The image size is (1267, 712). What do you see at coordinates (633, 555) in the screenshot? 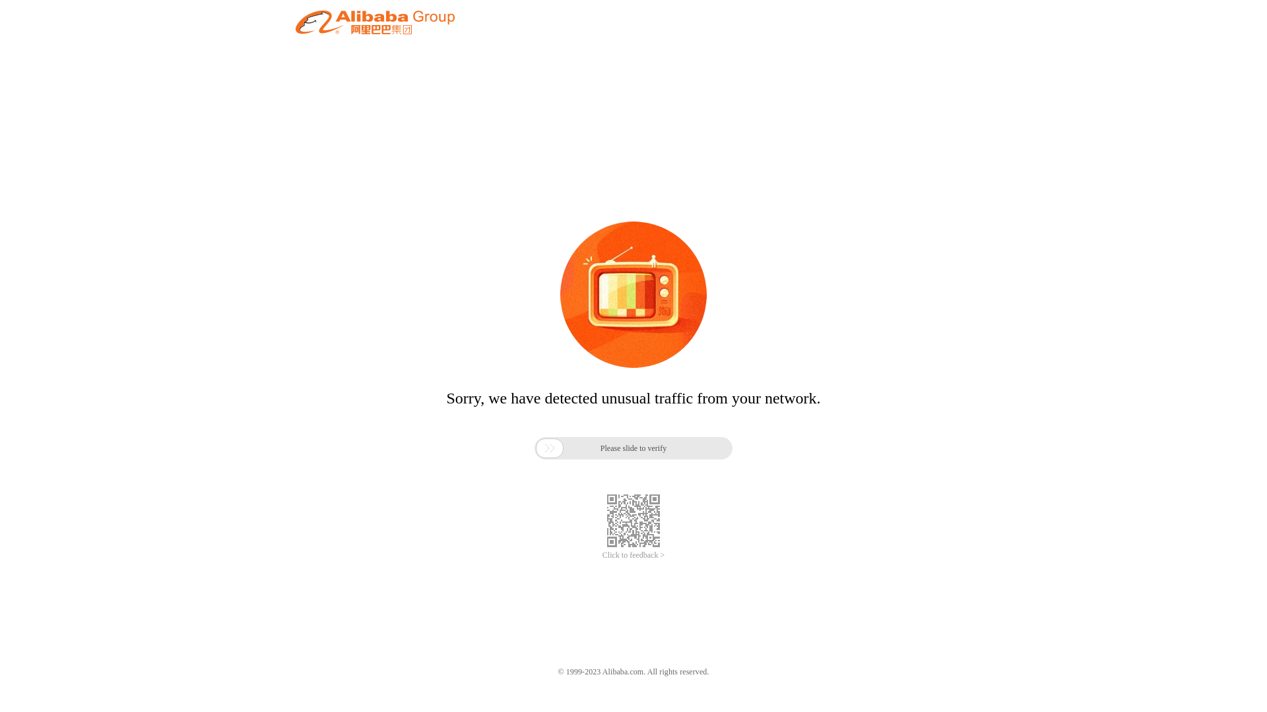
I see `'Click to feedback >'` at bounding box center [633, 555].